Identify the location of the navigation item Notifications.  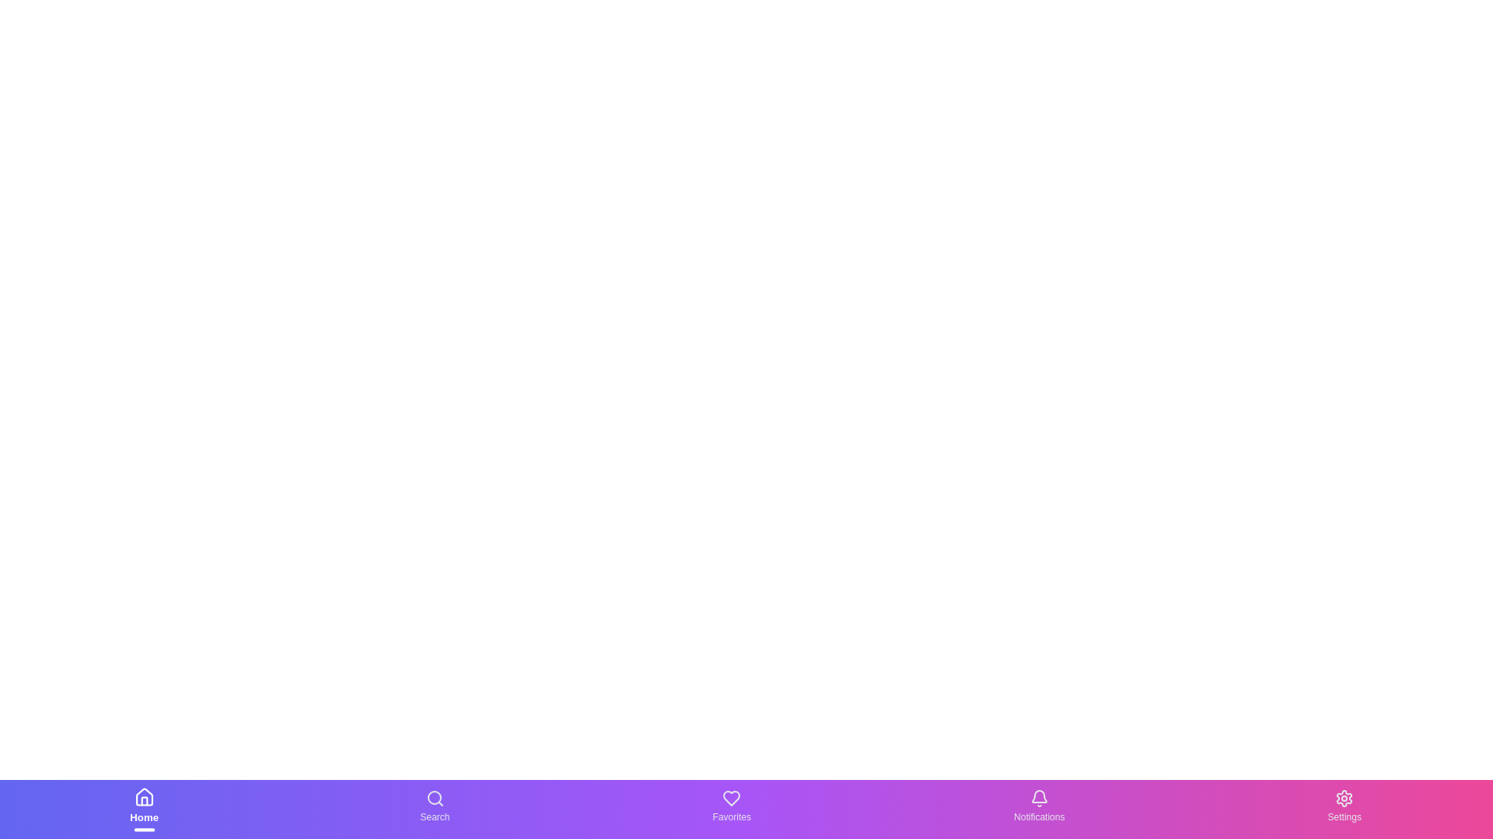
(1038, 808).